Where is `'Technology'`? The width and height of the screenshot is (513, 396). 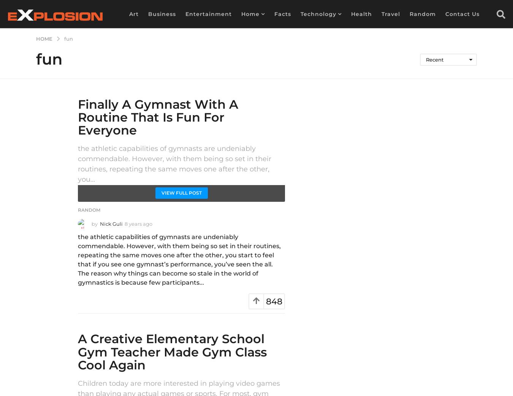
'Technology' is located at coordinates (318, 13).